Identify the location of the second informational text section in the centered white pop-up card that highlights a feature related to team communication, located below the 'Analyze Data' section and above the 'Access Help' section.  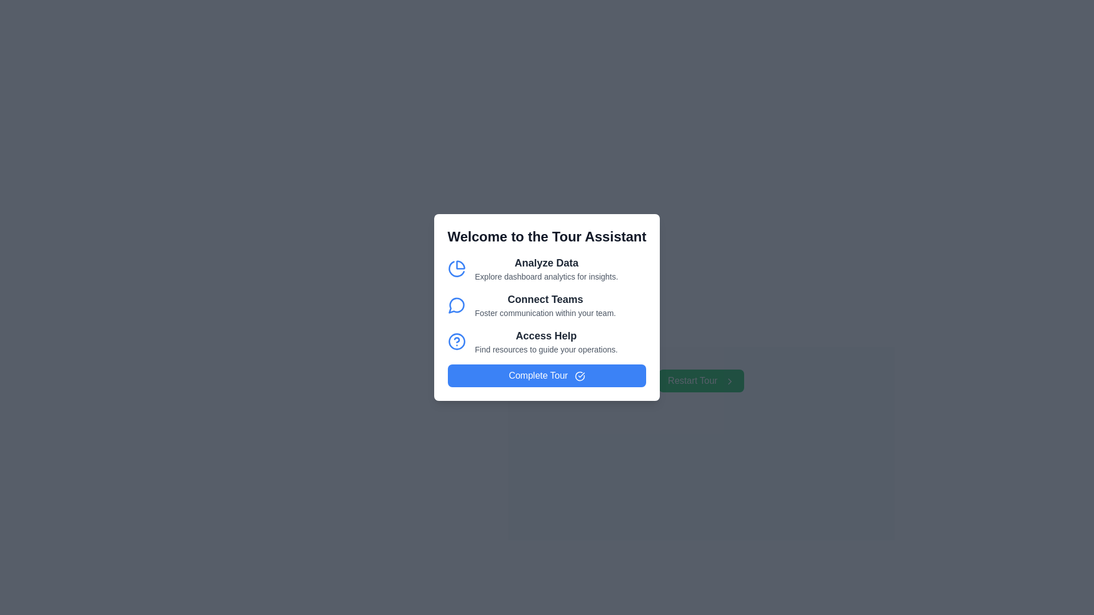
(547, 307).